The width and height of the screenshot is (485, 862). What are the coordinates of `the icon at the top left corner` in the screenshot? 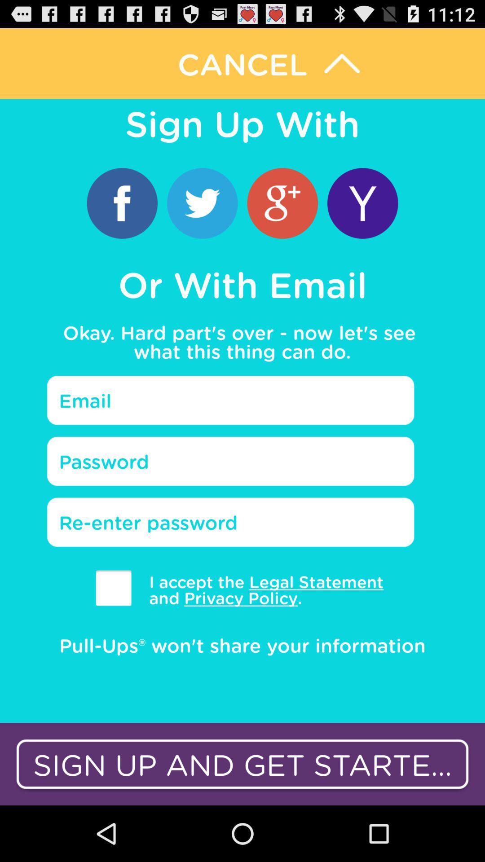 It's located at (122, 202).